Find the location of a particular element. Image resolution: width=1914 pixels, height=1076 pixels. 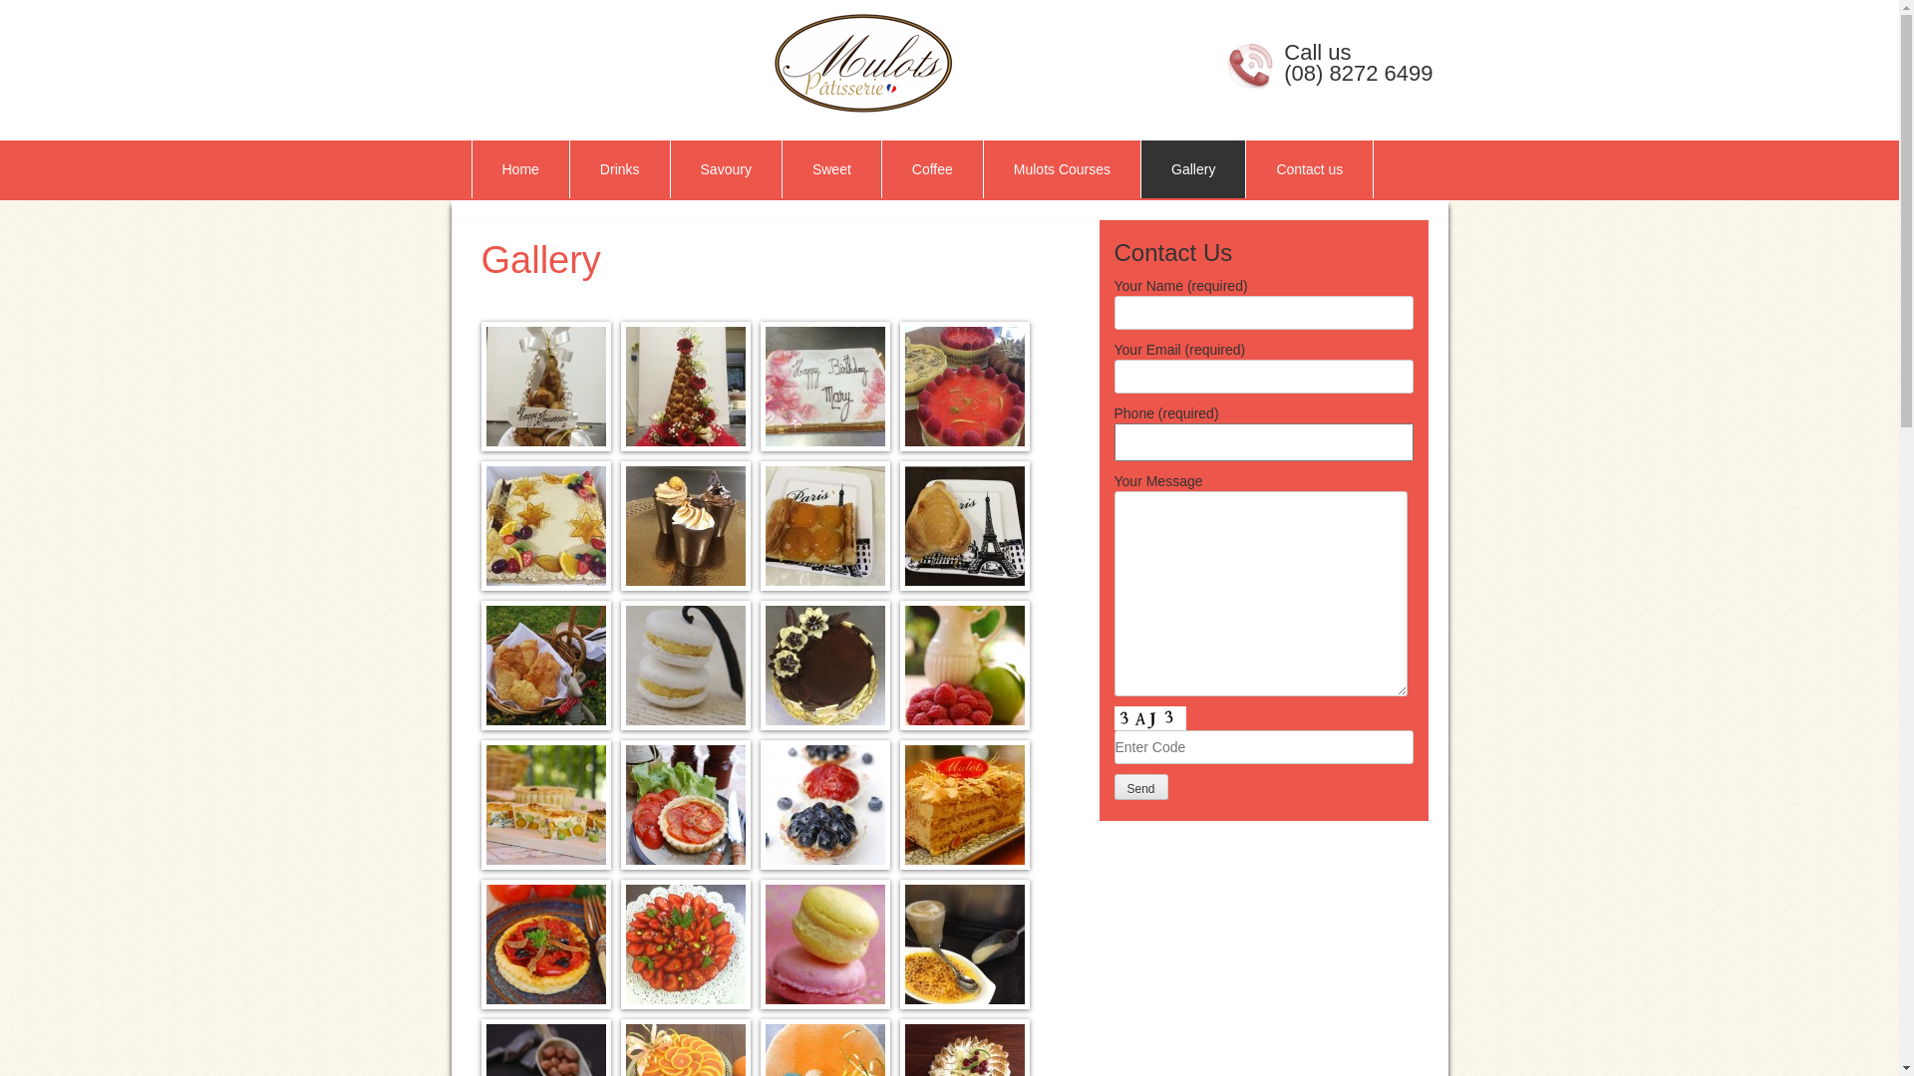

'Savoury' is located at coordinates (670, 167).